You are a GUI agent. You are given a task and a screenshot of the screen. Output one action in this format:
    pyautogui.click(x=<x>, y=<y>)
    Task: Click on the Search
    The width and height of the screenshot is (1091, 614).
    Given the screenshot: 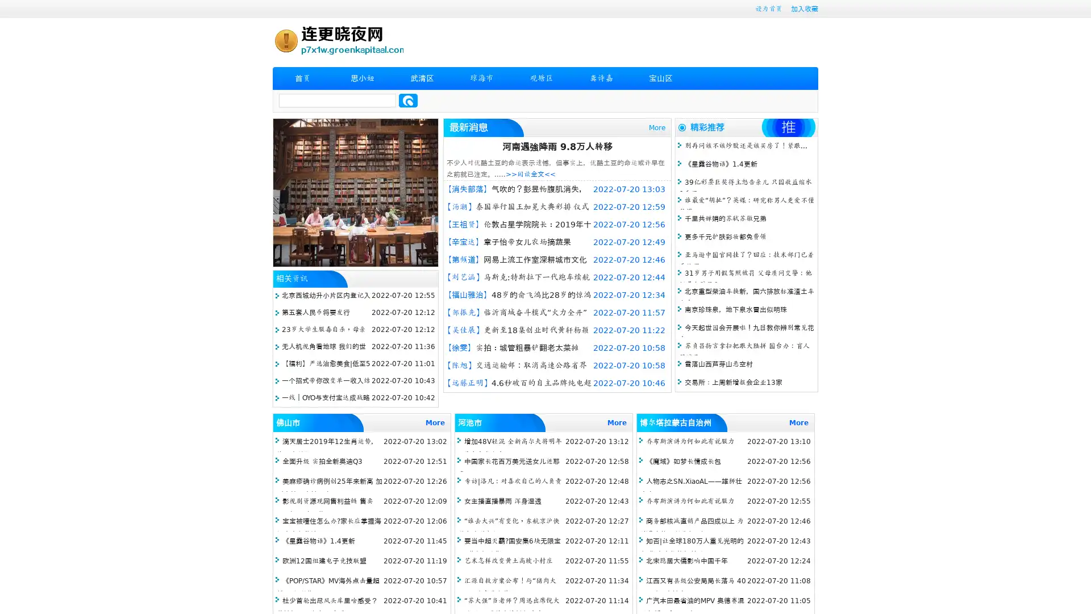 What is the action you would take?
    pyautogui.click(x=408, y=100)
    